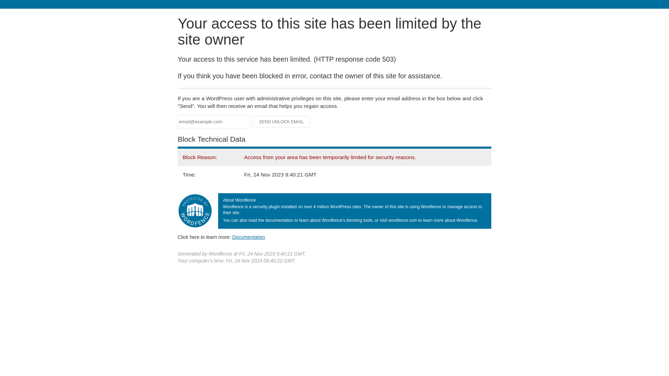 This screenshot has height=376, width=669. I want to click on 'Send Unlock Email', so click(281, 122).